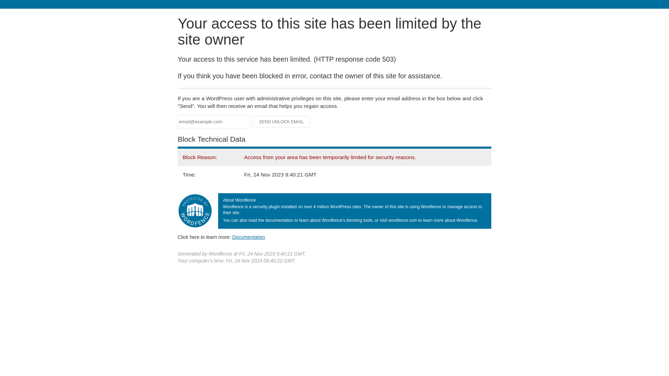 This screenshot has height=376, width=669. I want to click on 'Send Unlock Email', so click(281, 122).